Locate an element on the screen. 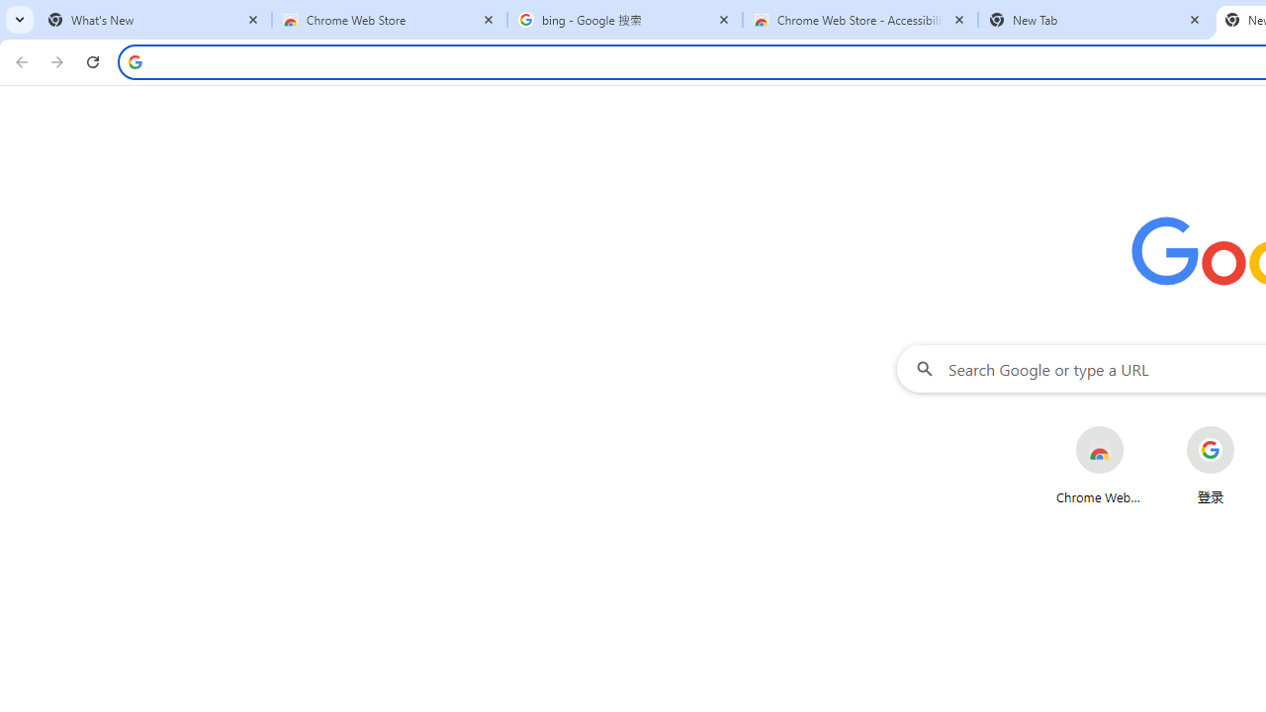 The image size is (1266, 712). 'What' is located at coordinates (153, 20).